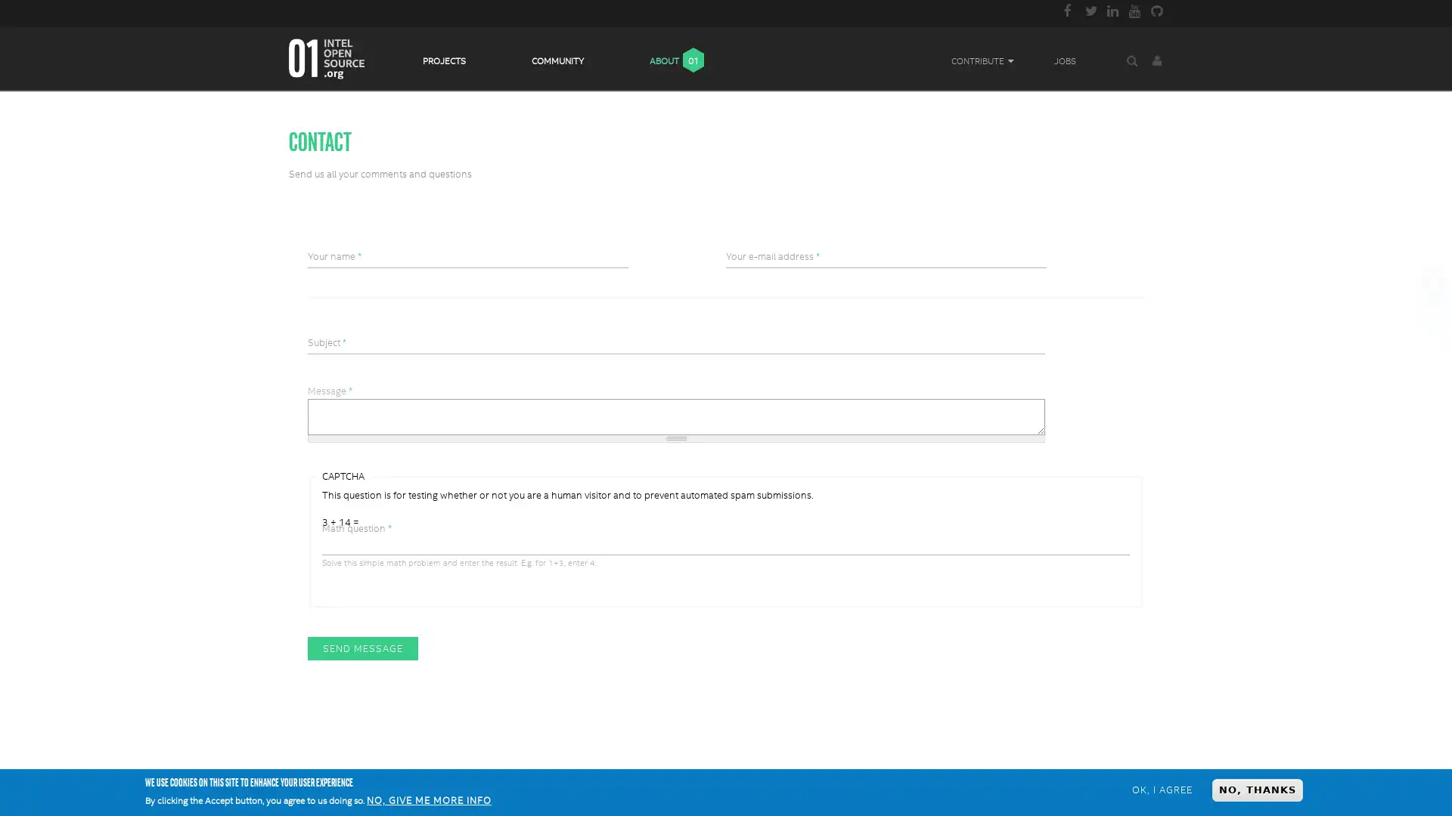  What do you see at coordinates (1257, 789) in the screenshot?
I see `NO, THANKS` at bounding box center [1257, 789].